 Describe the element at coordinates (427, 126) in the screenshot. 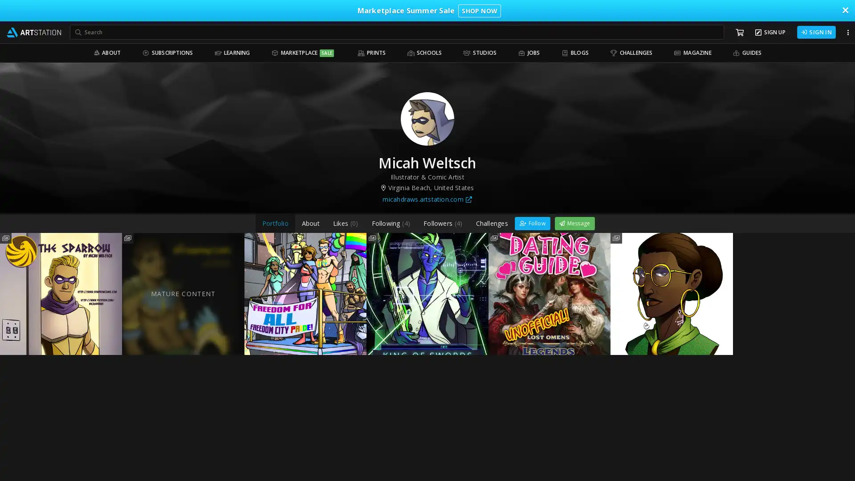

I see `Sign in` at that location.